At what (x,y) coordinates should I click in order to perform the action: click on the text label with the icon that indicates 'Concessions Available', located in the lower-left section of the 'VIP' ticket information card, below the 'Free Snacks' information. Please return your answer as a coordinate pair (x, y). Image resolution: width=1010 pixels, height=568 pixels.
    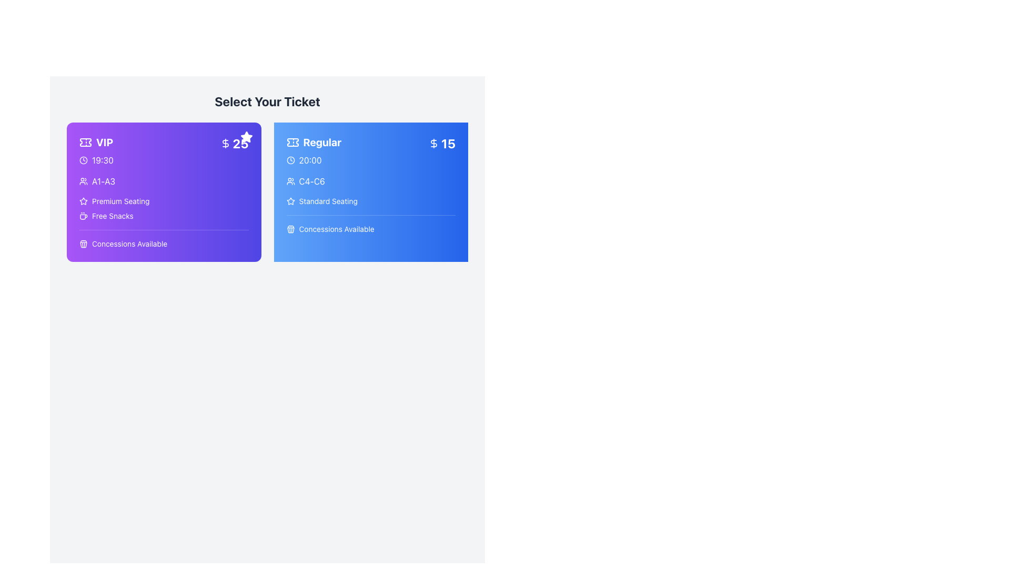
    Looking at the image, I should click on (123, 244).